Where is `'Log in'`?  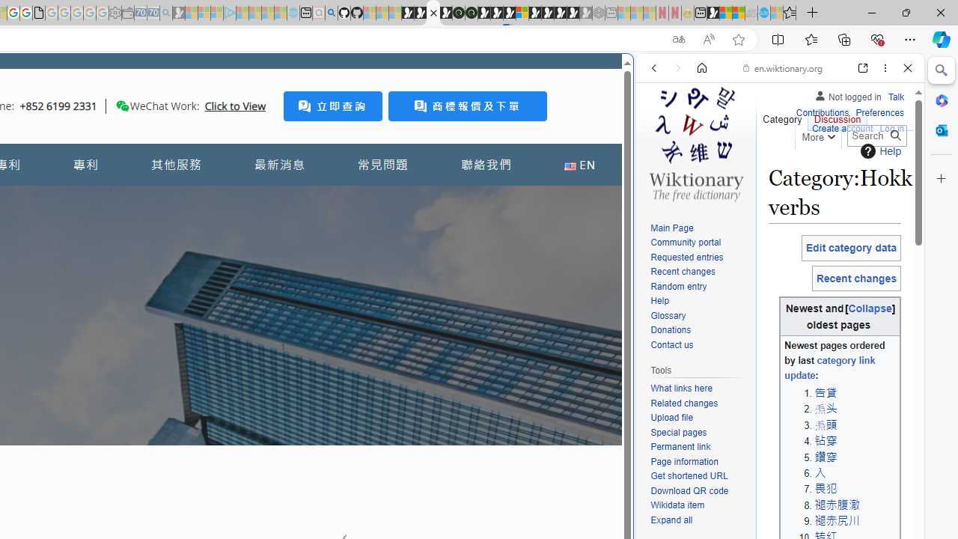
'Log in' is located at coordinates (891, 128).